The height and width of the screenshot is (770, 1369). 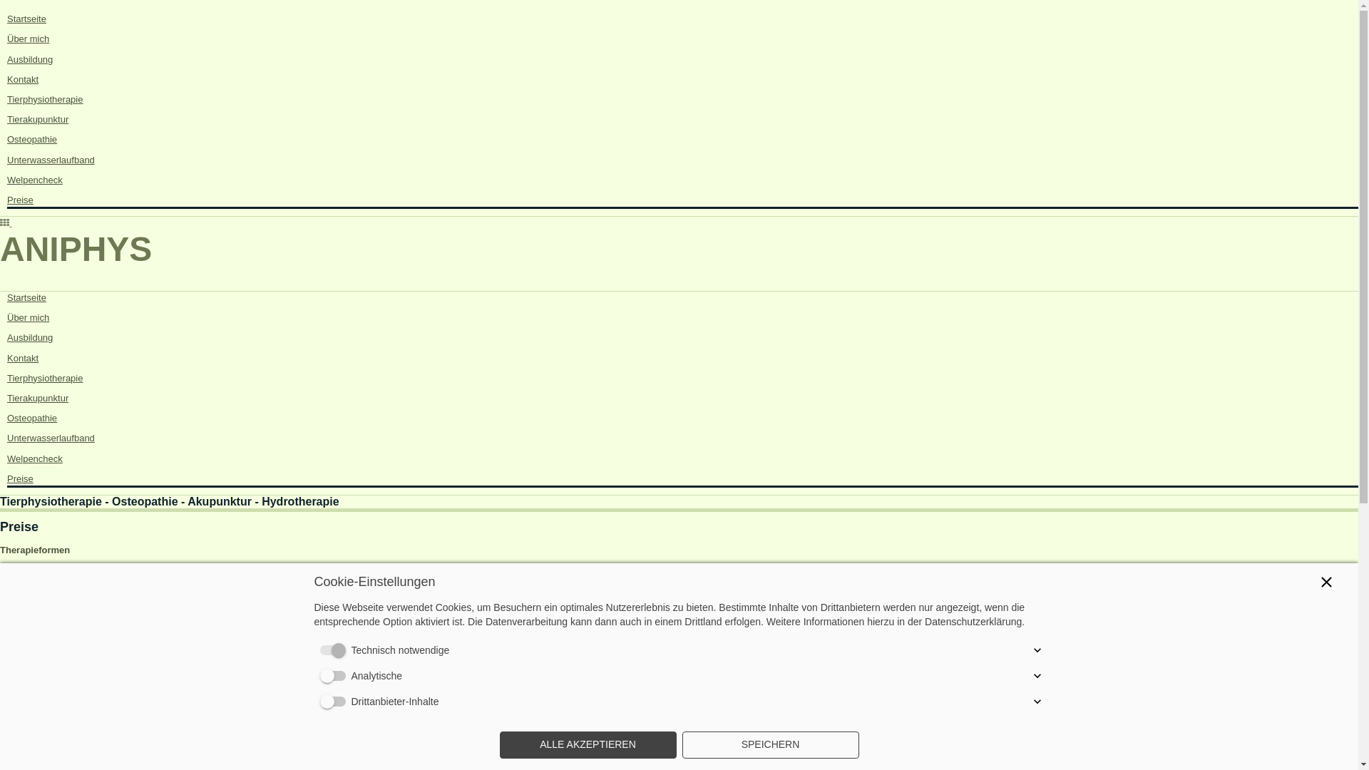 What do you see at coordinates (23, 79) in the screenshot?
I see `'Kontakt'` at bounding box center [23, 79].